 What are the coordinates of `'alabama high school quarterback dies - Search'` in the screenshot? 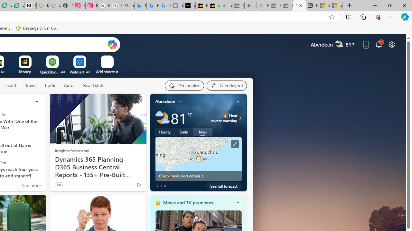 It's located at (128, 5).